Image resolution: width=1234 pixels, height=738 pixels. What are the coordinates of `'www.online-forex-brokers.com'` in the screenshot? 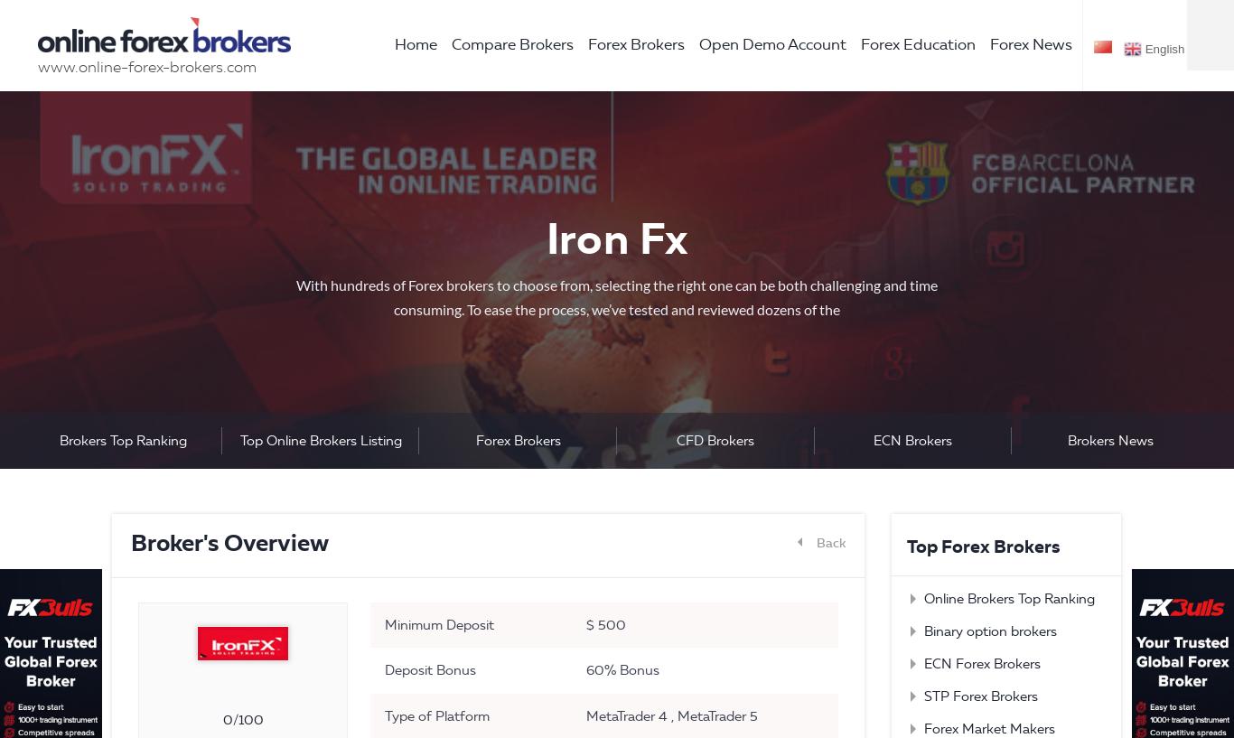 It's located at (145, 65).